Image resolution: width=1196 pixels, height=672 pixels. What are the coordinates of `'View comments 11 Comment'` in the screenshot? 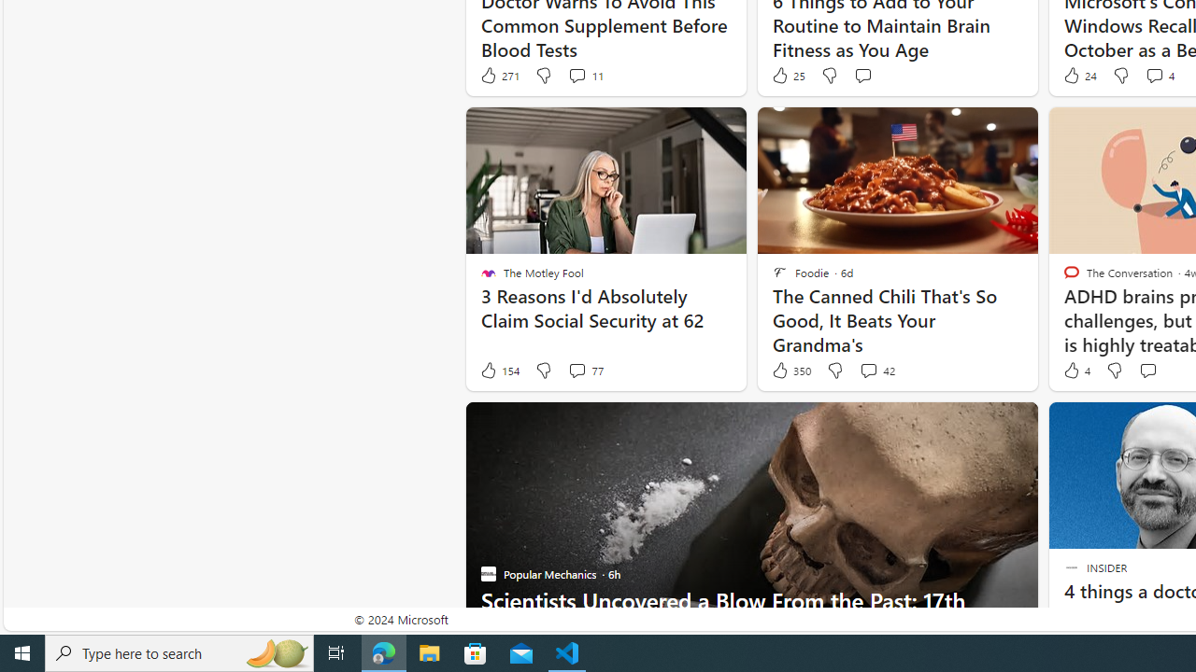 It's located at (584, 75).